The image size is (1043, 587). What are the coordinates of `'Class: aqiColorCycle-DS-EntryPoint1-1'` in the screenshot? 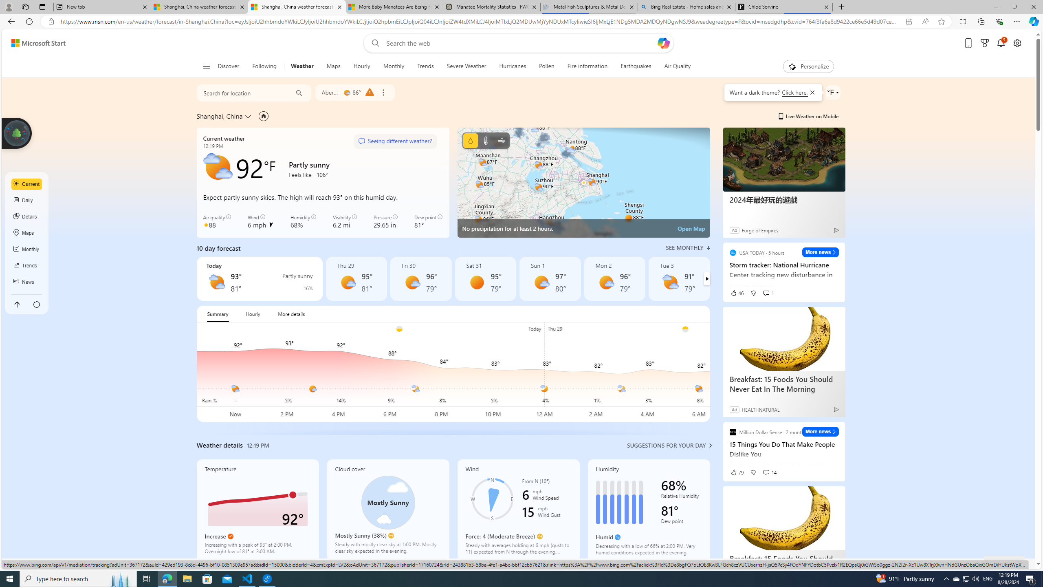 It's located at (206, 225).